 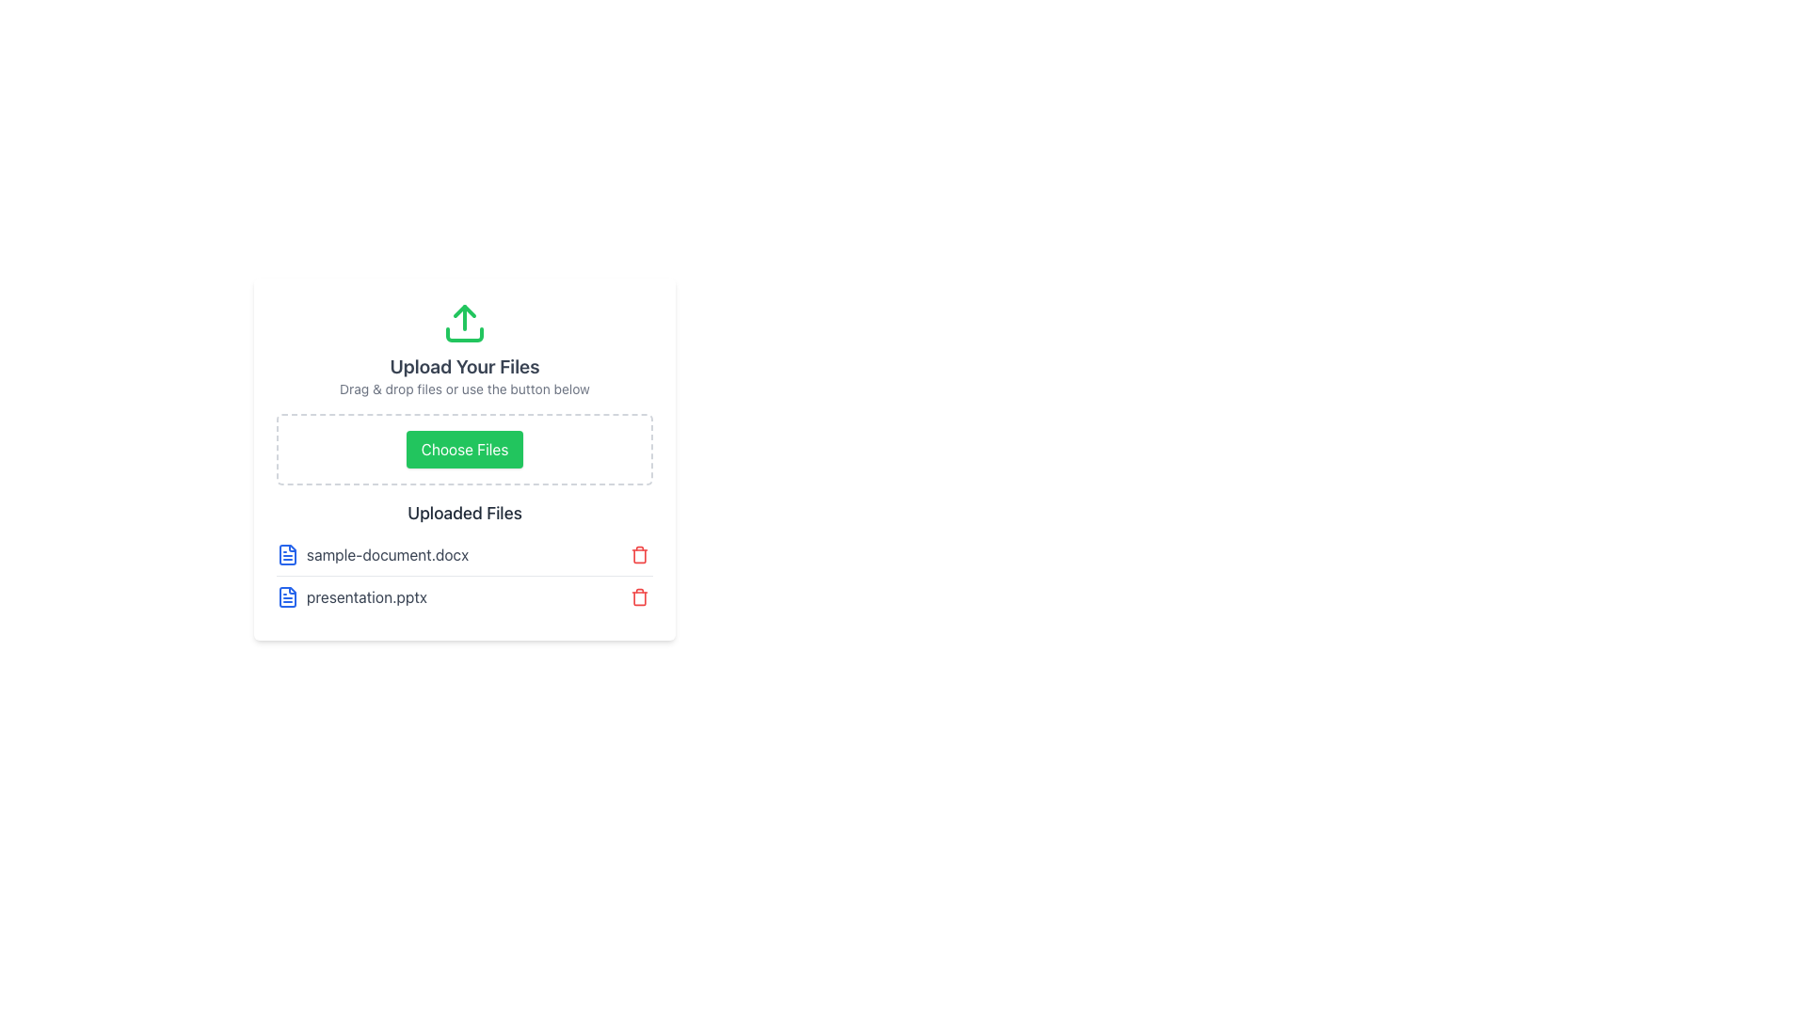 I want to click on to select the file list item displaying the file name 'presentation.pptx', which is the second file in the uploaded files section, so click(x=352, y=597).